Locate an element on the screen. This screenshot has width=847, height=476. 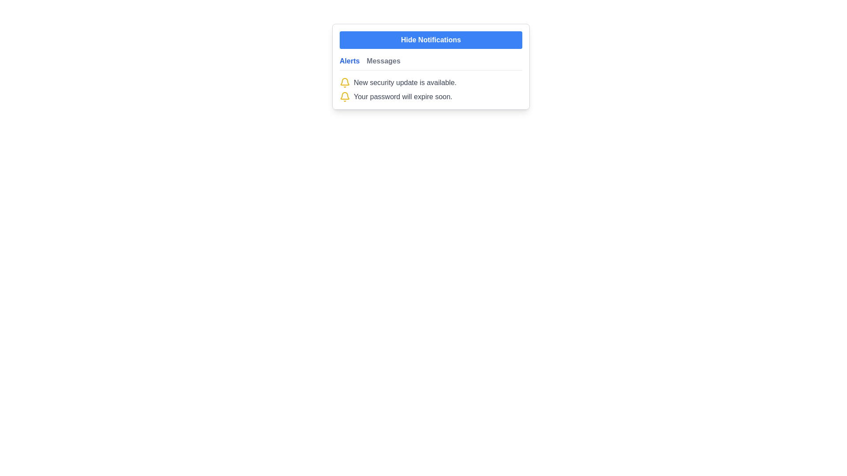
the blue rectangular button with rounded edges that has white bold text reading 'Hide Notifications' is located at coordinates (431, 40).